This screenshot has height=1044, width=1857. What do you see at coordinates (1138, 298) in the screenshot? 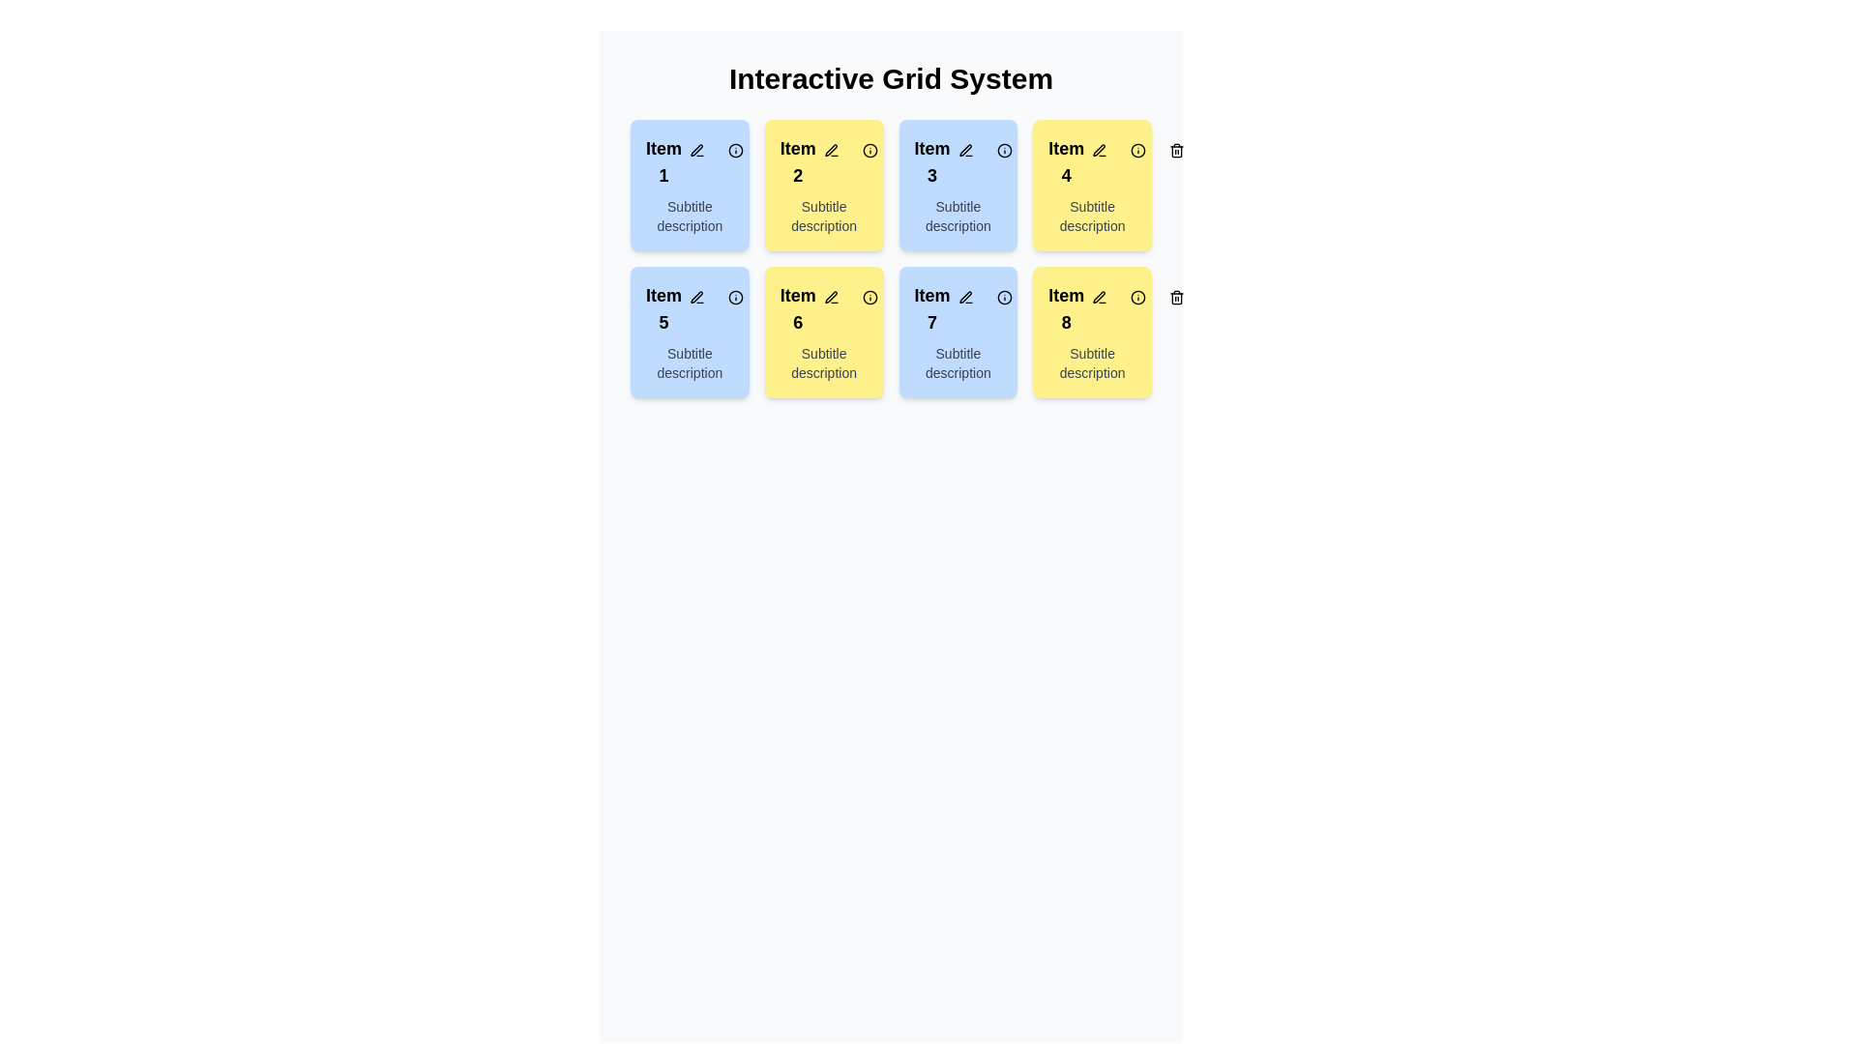
I see `the informational tooltip button located in the bottom-right corner of the card labeled 'Item 8'` at bounding box center [1138, 298].